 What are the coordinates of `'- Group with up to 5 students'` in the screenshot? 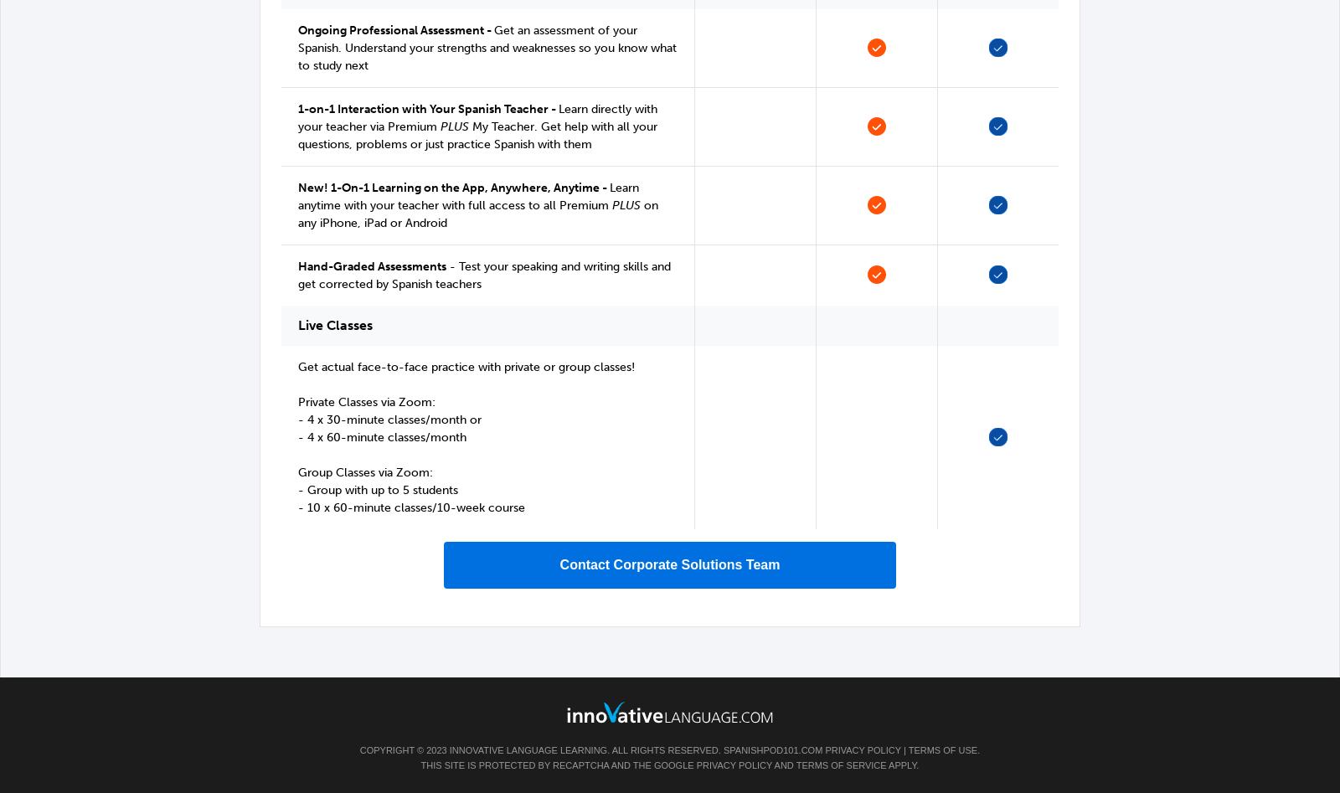 It's located at (377, 490).